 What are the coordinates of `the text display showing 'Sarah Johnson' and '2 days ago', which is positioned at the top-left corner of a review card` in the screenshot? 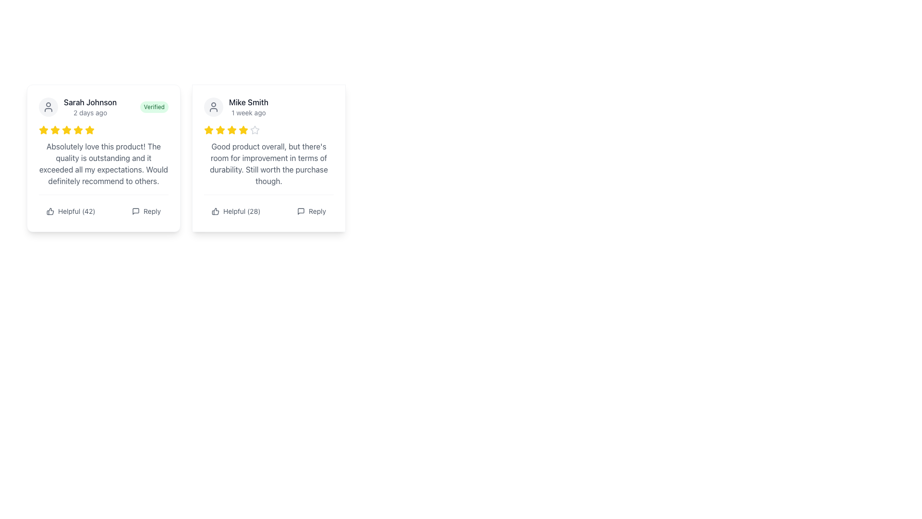 It's located at (90, 107).